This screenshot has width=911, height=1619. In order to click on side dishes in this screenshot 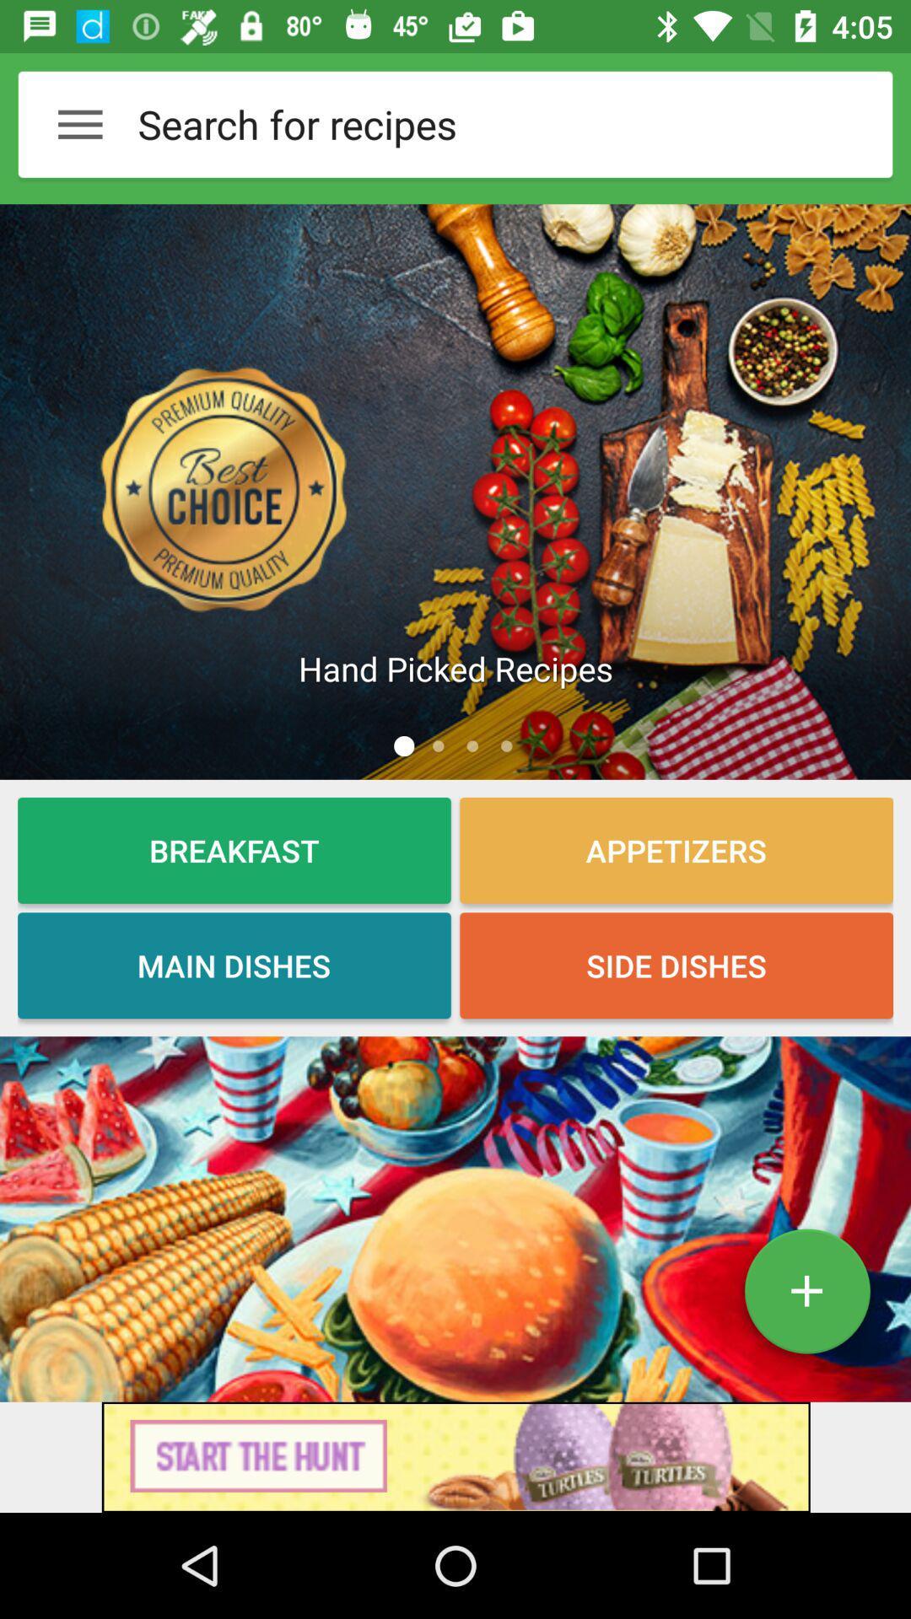, I will do `click(676, 965)`.